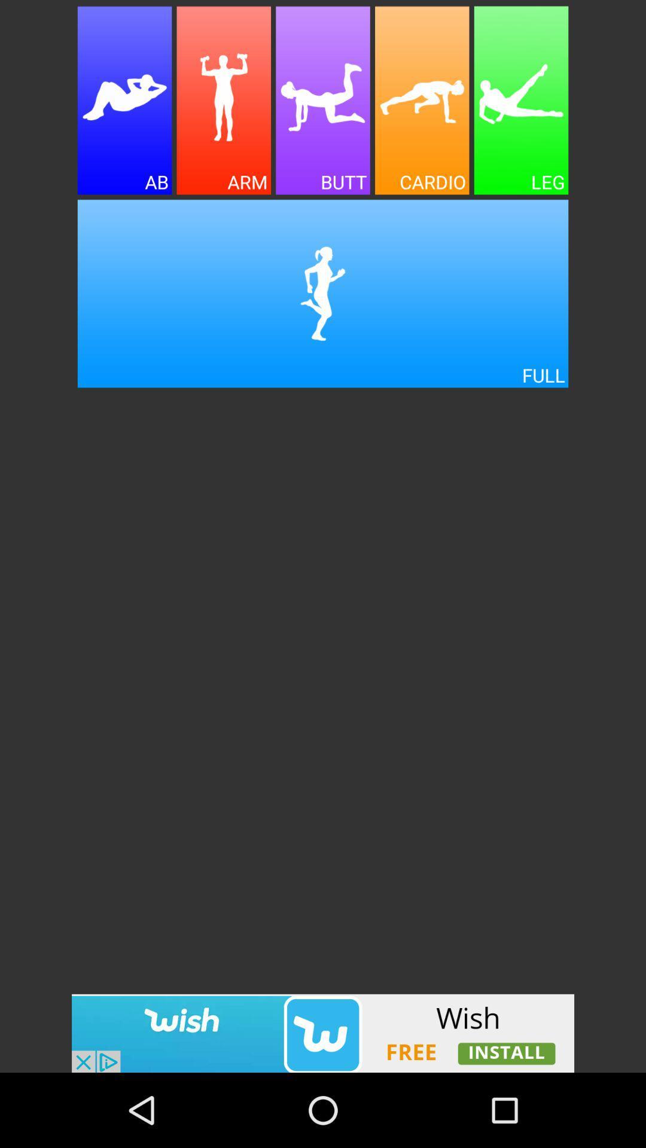 The height and width of the screenshot is (1148, 646). I want to click on running option, so click(323, 294).